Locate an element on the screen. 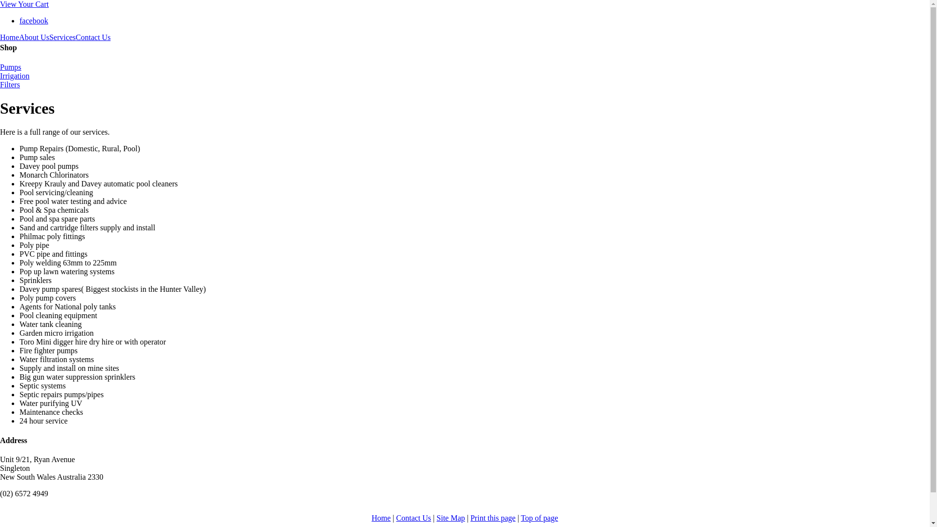  'Top of page' is located at coordinates (520, 517).